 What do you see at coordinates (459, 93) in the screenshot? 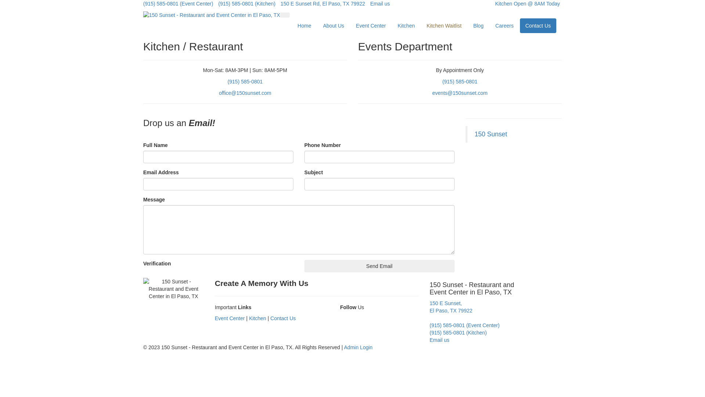
I see `'events@150sunset.com'` at bounding box center [459, 93].